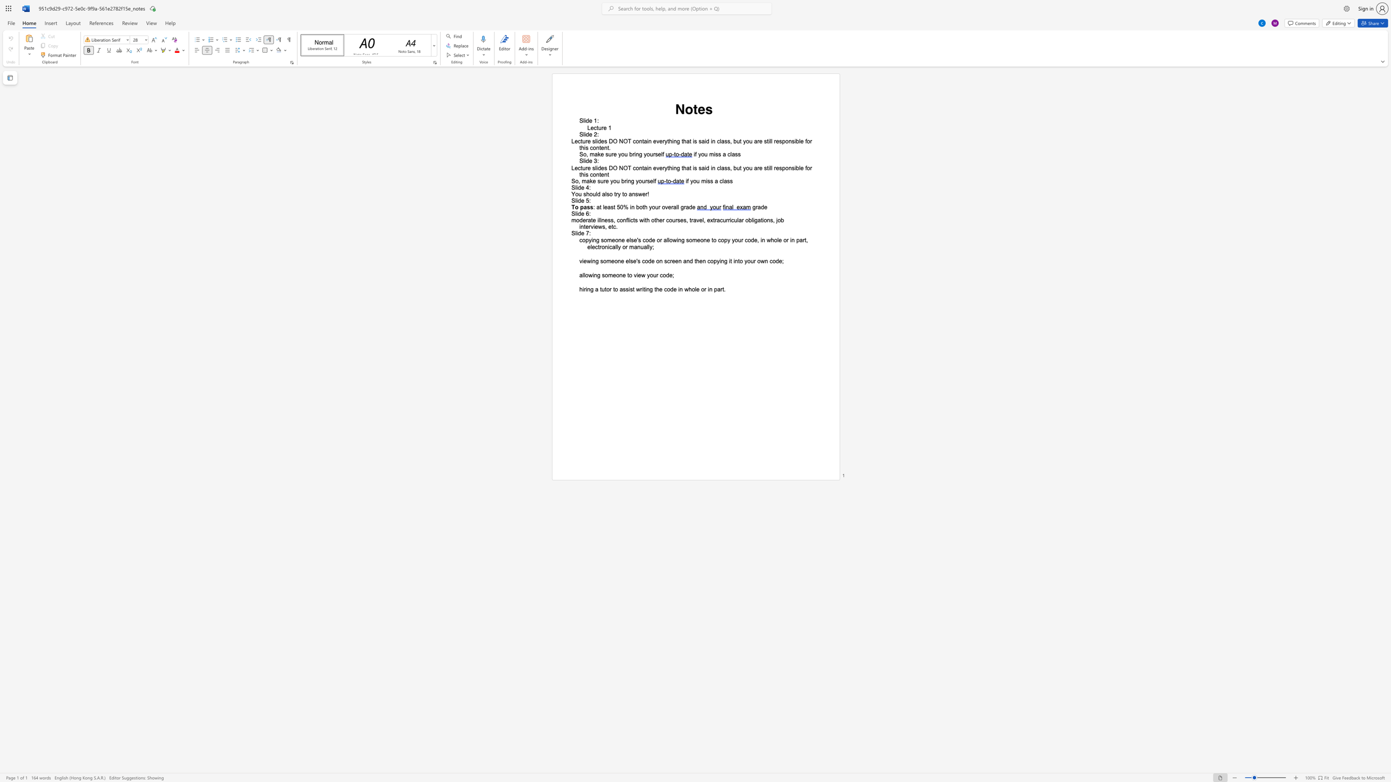 The image size is (1391, 782). I want to click on the subset text "ss a c" within the text "if you miss a class", so click(715, 153).